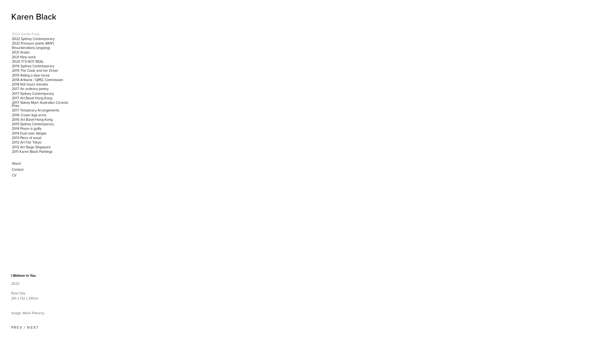 This screenshot has height=346, width=615. I want to click on '2017 Sydney Contemporary', so click(11, 94).